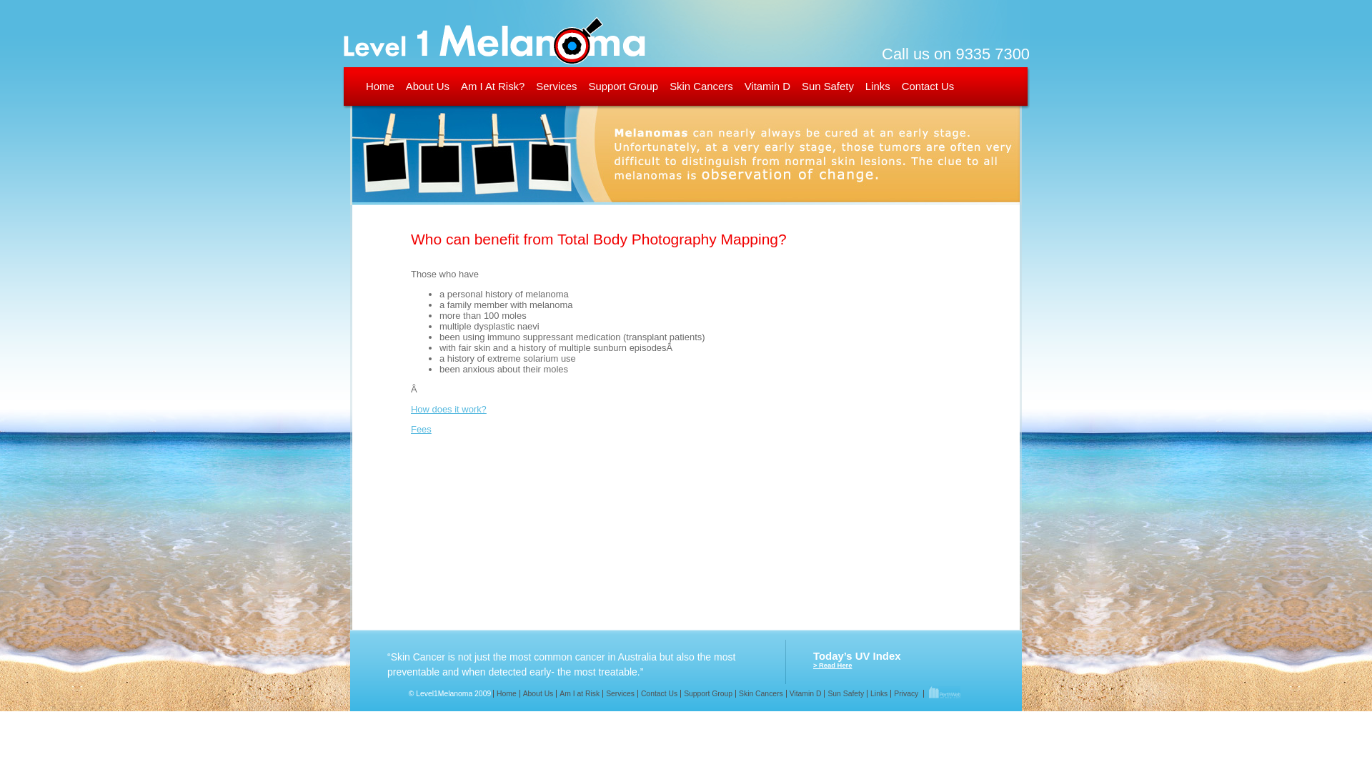  I want to click on 'Home', so click(506, 693).